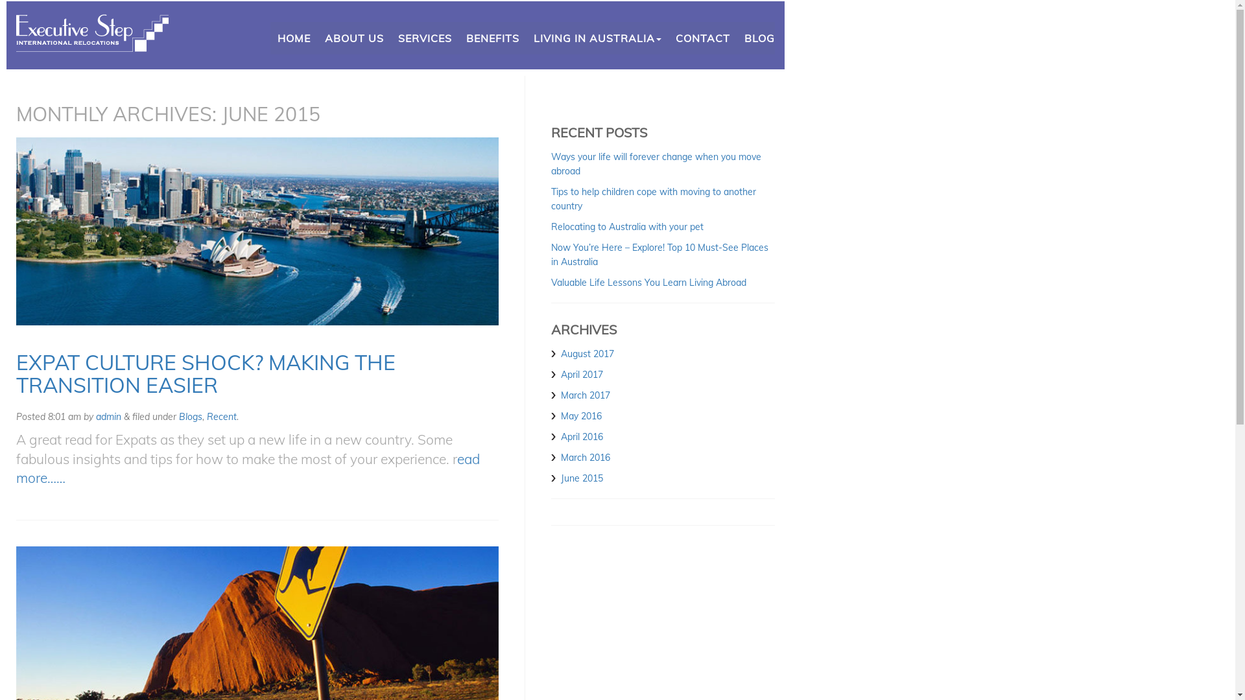 This screenshot has width=1245, height=700. I want to click on 'Recent', so click(221, 417).